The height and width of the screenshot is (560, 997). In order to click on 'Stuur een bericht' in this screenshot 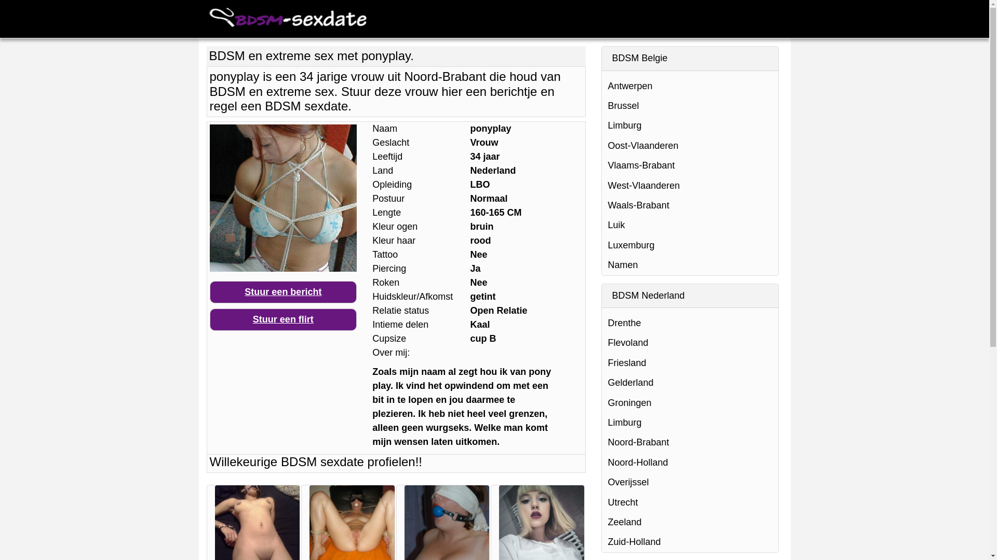, I will do `click(283, 292)`.